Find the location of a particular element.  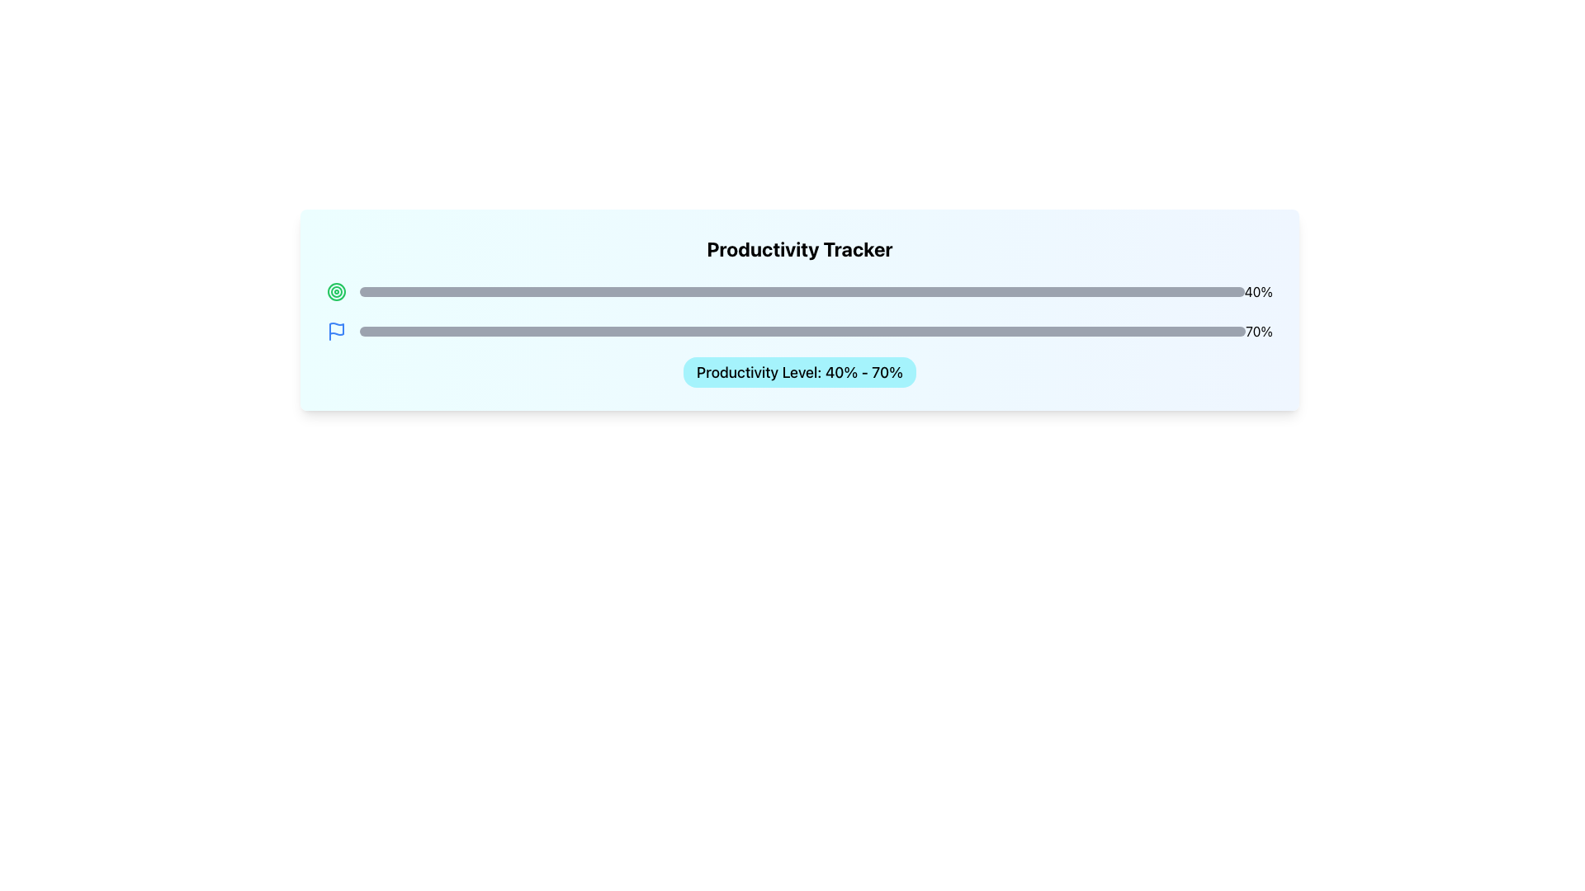

the productivity level slider is located at coordinates (572, 291).